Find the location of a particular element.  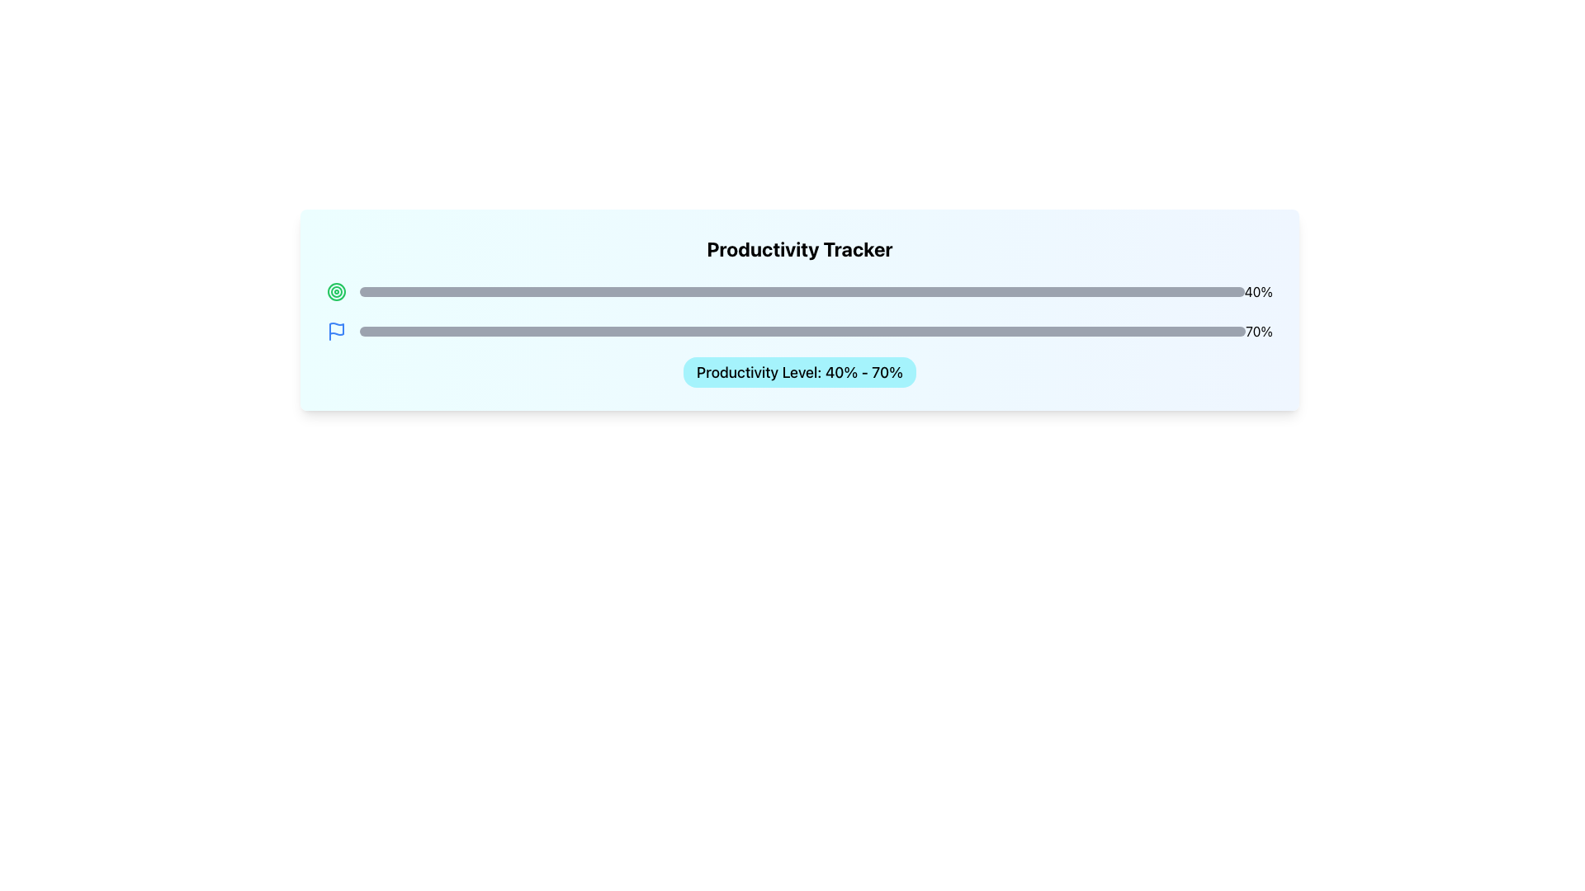

the productivity level slider is located at coordinates (572, 291).